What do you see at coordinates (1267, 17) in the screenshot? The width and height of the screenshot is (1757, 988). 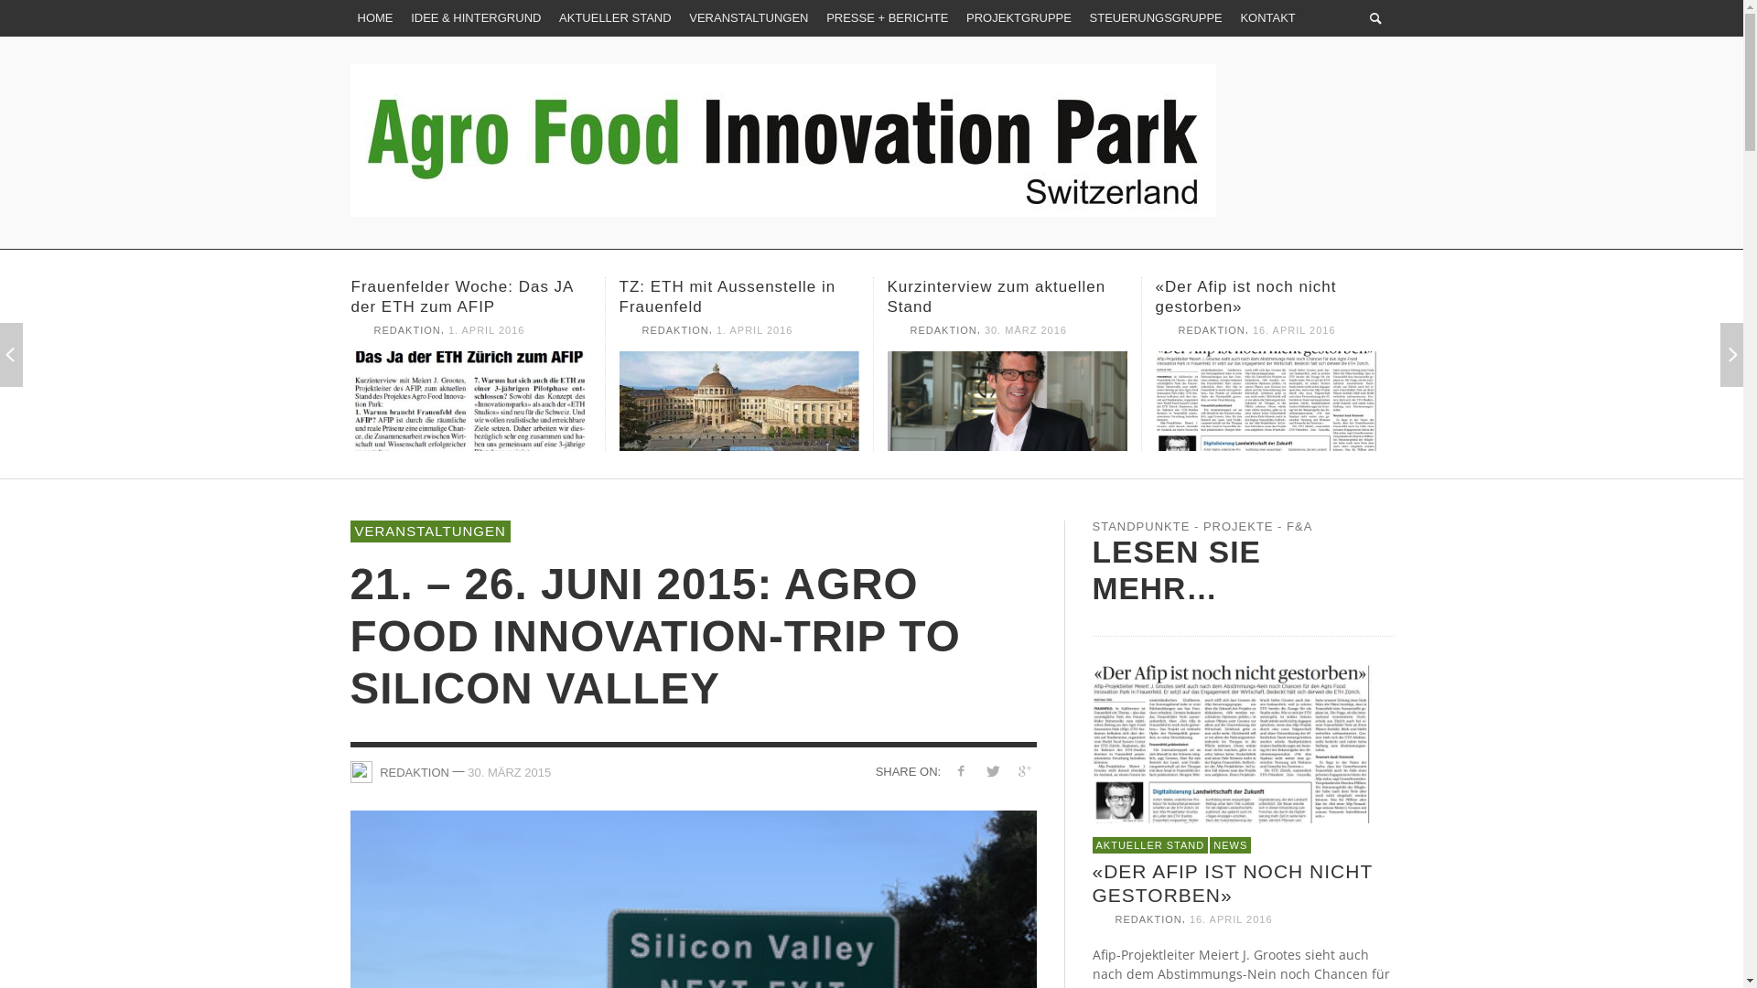 I see `'KONTAKT'` at bounding box center [1267, 17].